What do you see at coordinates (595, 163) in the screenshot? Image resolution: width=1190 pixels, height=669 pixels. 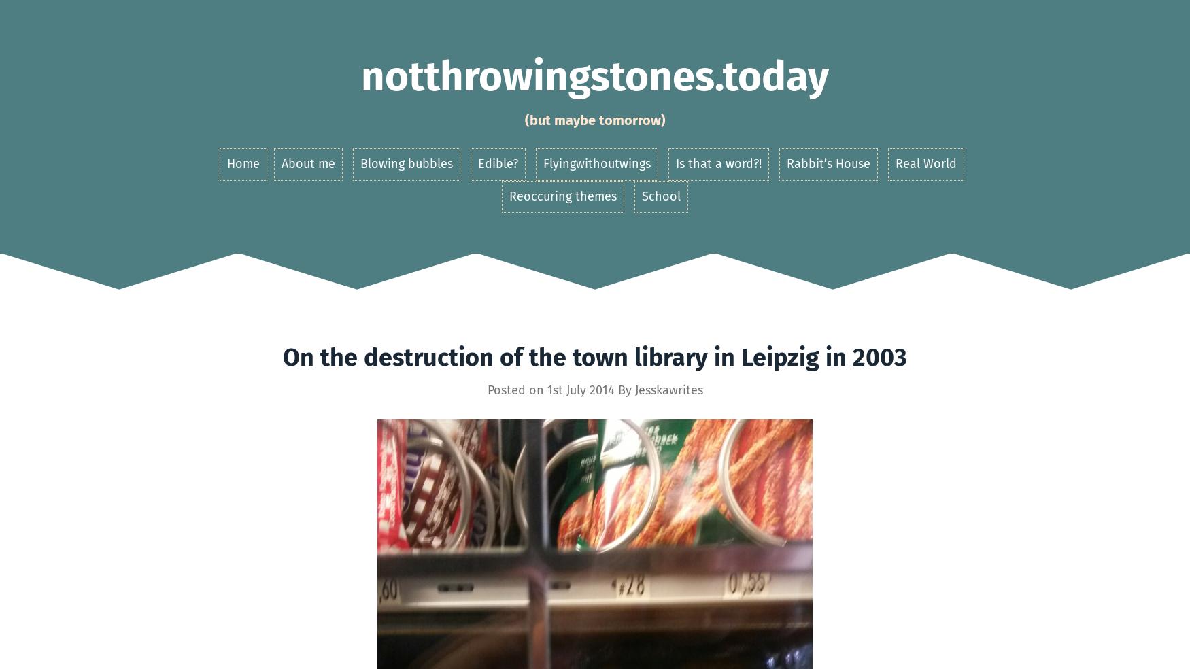 I see `'Flyingwithoutwings'` at bounding box center [595, 163].